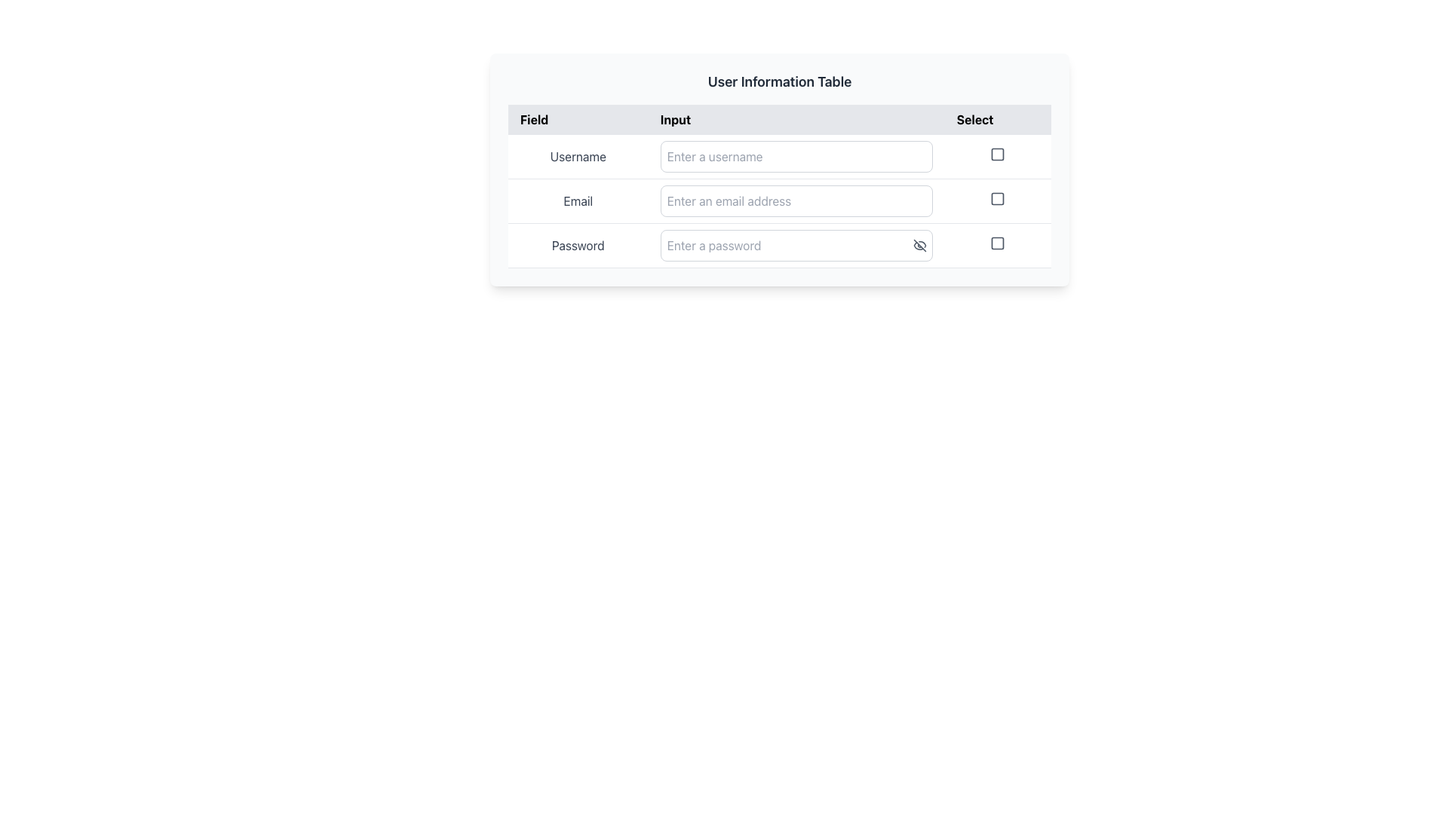 This screenshot has height=814, width=1448. What do you see at coordinates (919, 245) in the screenshot?
I see `the eye icon with a diagonal line crossing through it, located on the right inside the 'Password' input field` at bounding box center [919, 245].